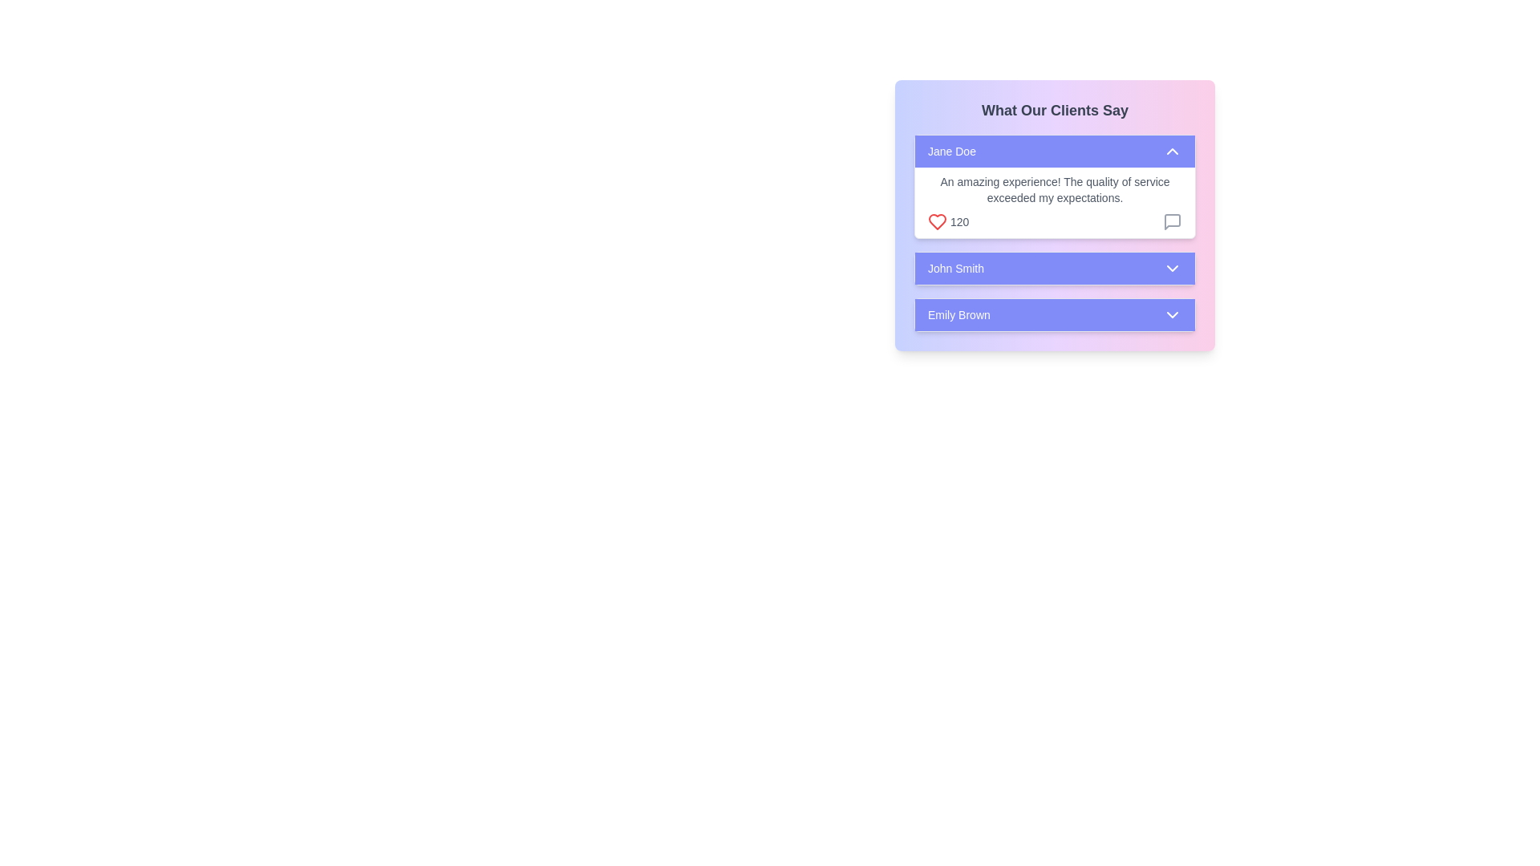  What do you see at coordinates (1173, 315) in the screenshot?
I see `the downwards chevron icon located on the right side of the 'Emily Brown' button to emphasize its functionality and reveal more context` at bounding box center [1173, 315].